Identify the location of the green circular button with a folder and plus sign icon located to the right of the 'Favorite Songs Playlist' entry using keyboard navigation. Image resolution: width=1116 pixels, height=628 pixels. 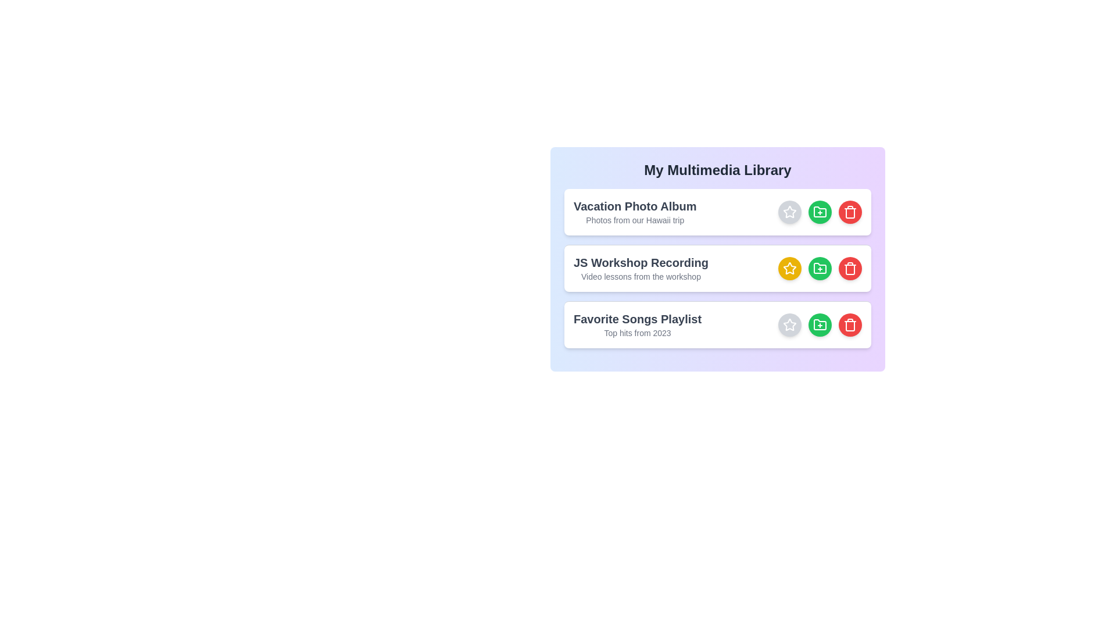
(820, 325).